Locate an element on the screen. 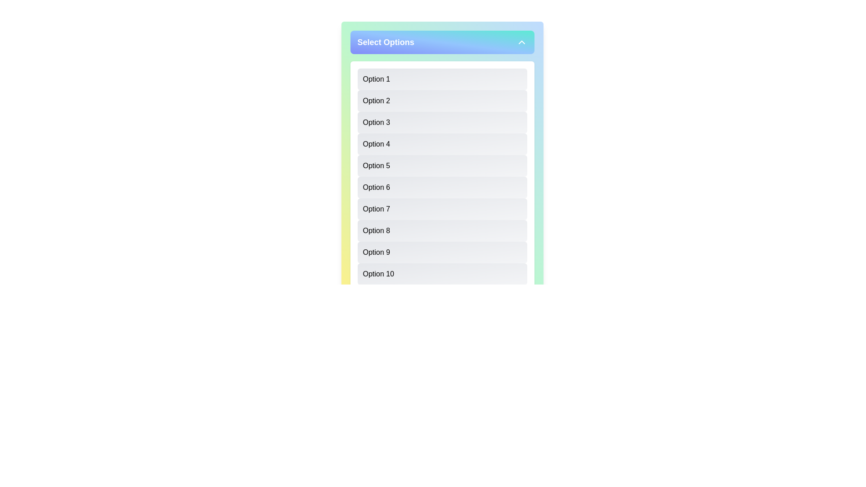 The width and height of the screenshot is (866, 487). the last button in a vertical list of selectable options is located at coordinates (442, 274).